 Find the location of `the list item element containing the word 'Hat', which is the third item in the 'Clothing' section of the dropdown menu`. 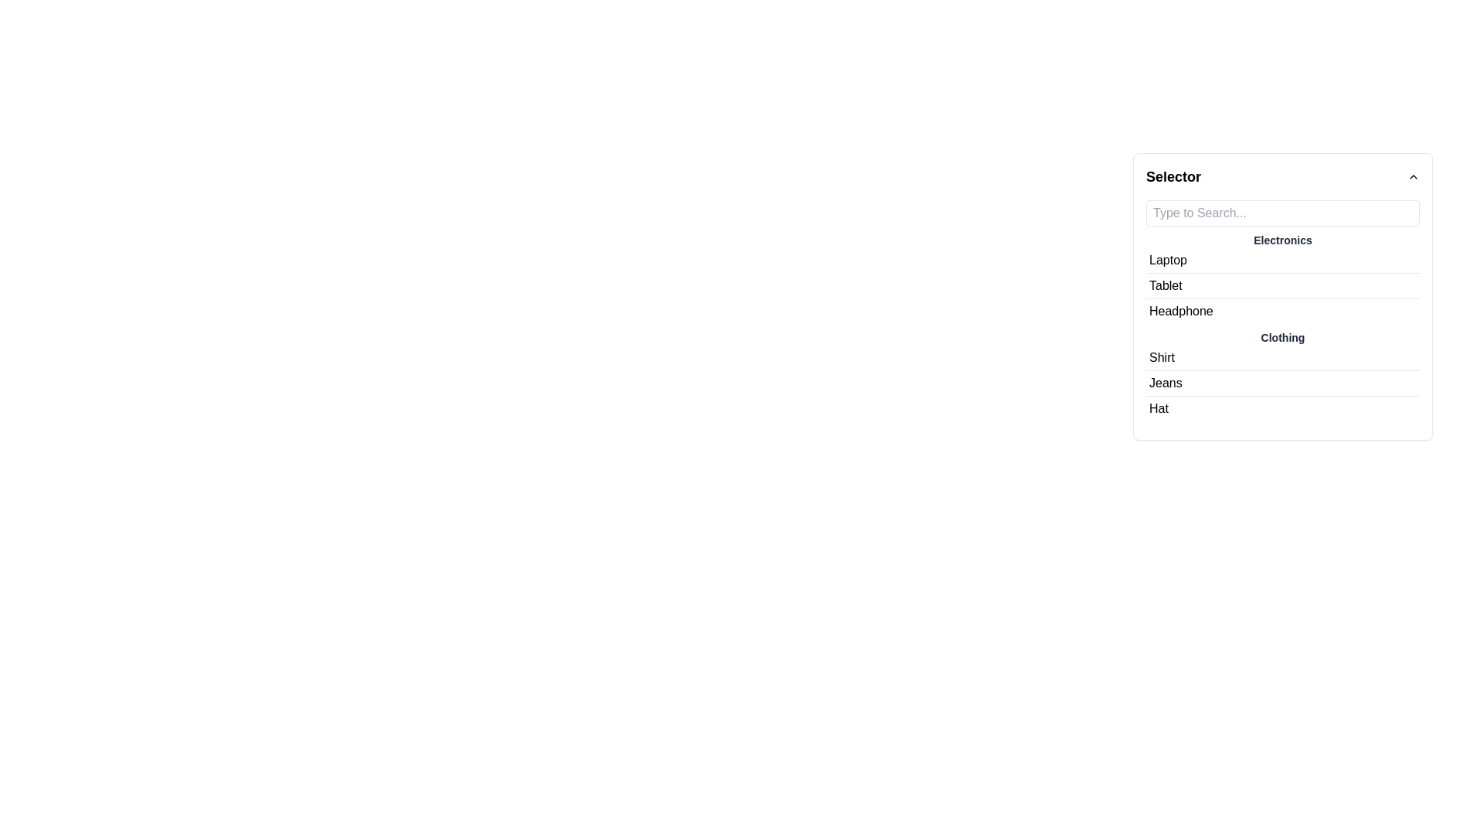

the list item element containing the word 'Hat', which is the third item in the 'Clothing' section of the dropdown menu is located at coordinates (1283, 407).